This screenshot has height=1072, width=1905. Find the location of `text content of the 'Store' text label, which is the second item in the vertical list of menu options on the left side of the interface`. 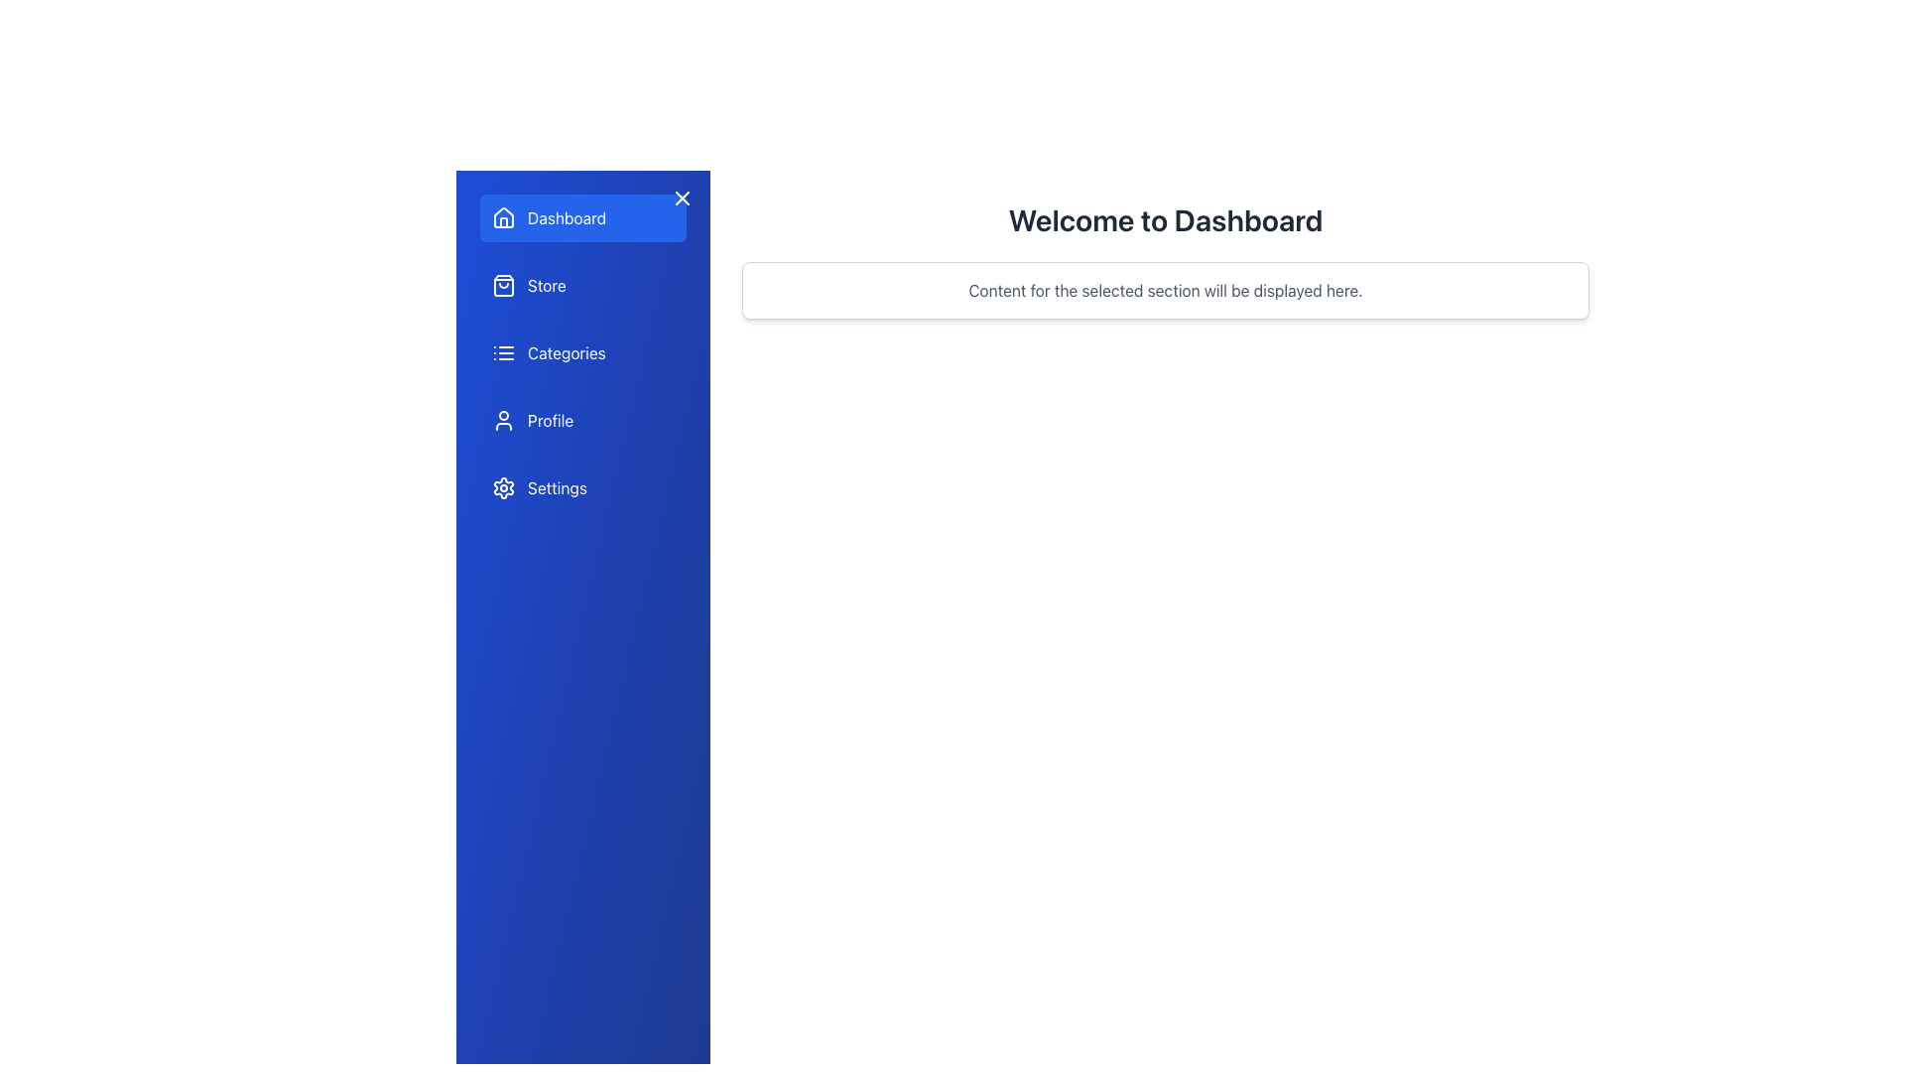

text content of the 'Store' text label, which is the second item in the vertical list of menu options on the left side of the interface is located at coordinates (547, 286).